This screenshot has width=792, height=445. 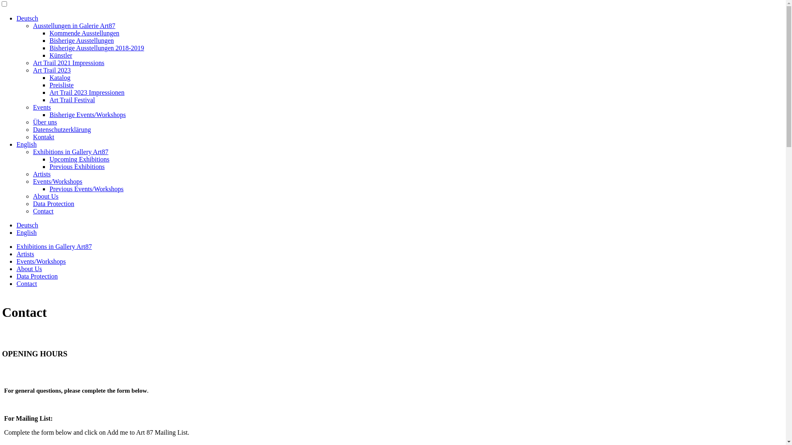 What do you see at coordinates (87, 189) in the screenshot?
I see `'Previous Events/Workshops'` at bounding box center [87, 189].